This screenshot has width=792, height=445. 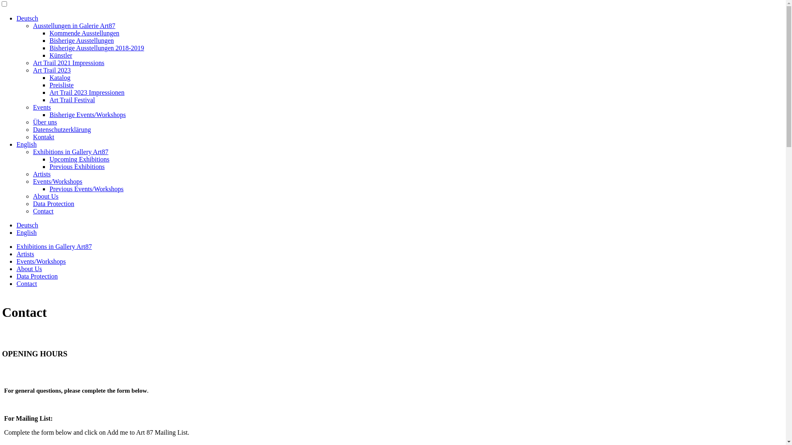 What do you see at coordinates (87, 189) in the screenshot?
I see `'Previous Events/Workshops'` at bounding box center [87, 189].